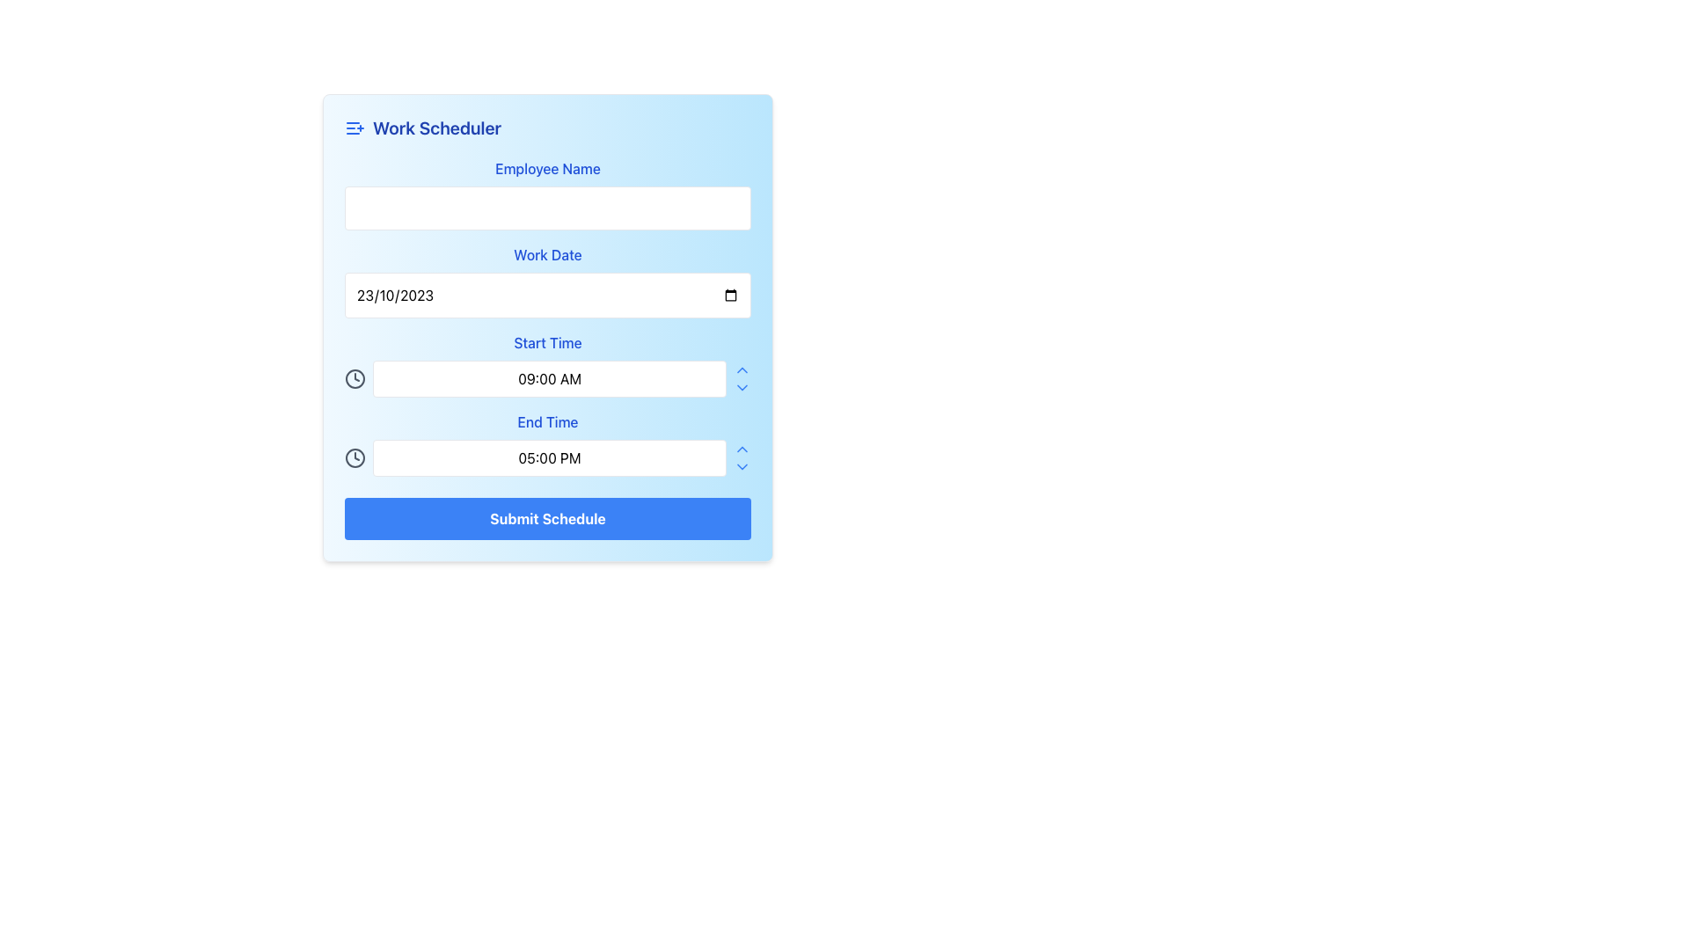 The width and height of the screenshot is (1689, 950). What do you see at coordinates (742, 386) in the screenshot?
I see `the Dropdown toggle icon located near the bottom right corner of the blue panel under the 'End Time' input box` at bounding box center [742, 386].